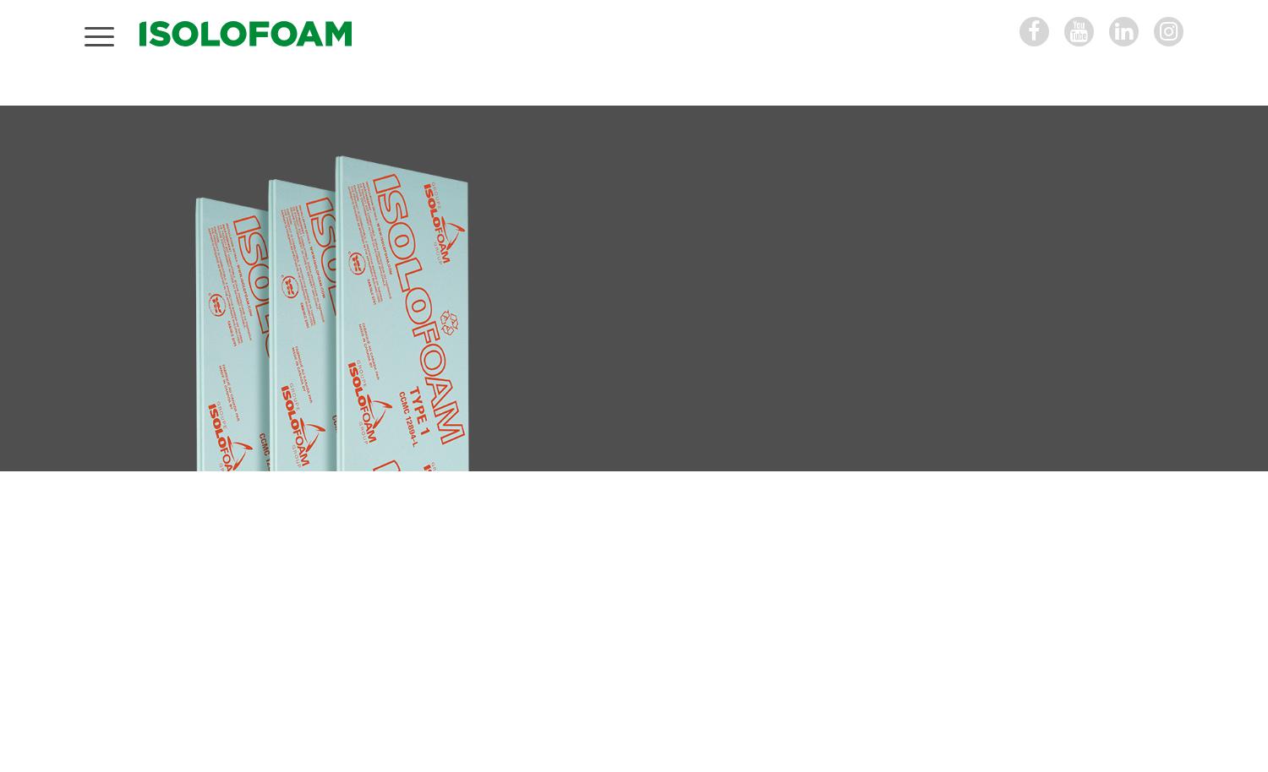 The width and height of the screenshot is (1268, 772). What do you see at coordinates (980, 599) in the screenshot?
I see `'Technical data sheet ISOLOFOAM Type 1'` at bounding box center [980, 599].